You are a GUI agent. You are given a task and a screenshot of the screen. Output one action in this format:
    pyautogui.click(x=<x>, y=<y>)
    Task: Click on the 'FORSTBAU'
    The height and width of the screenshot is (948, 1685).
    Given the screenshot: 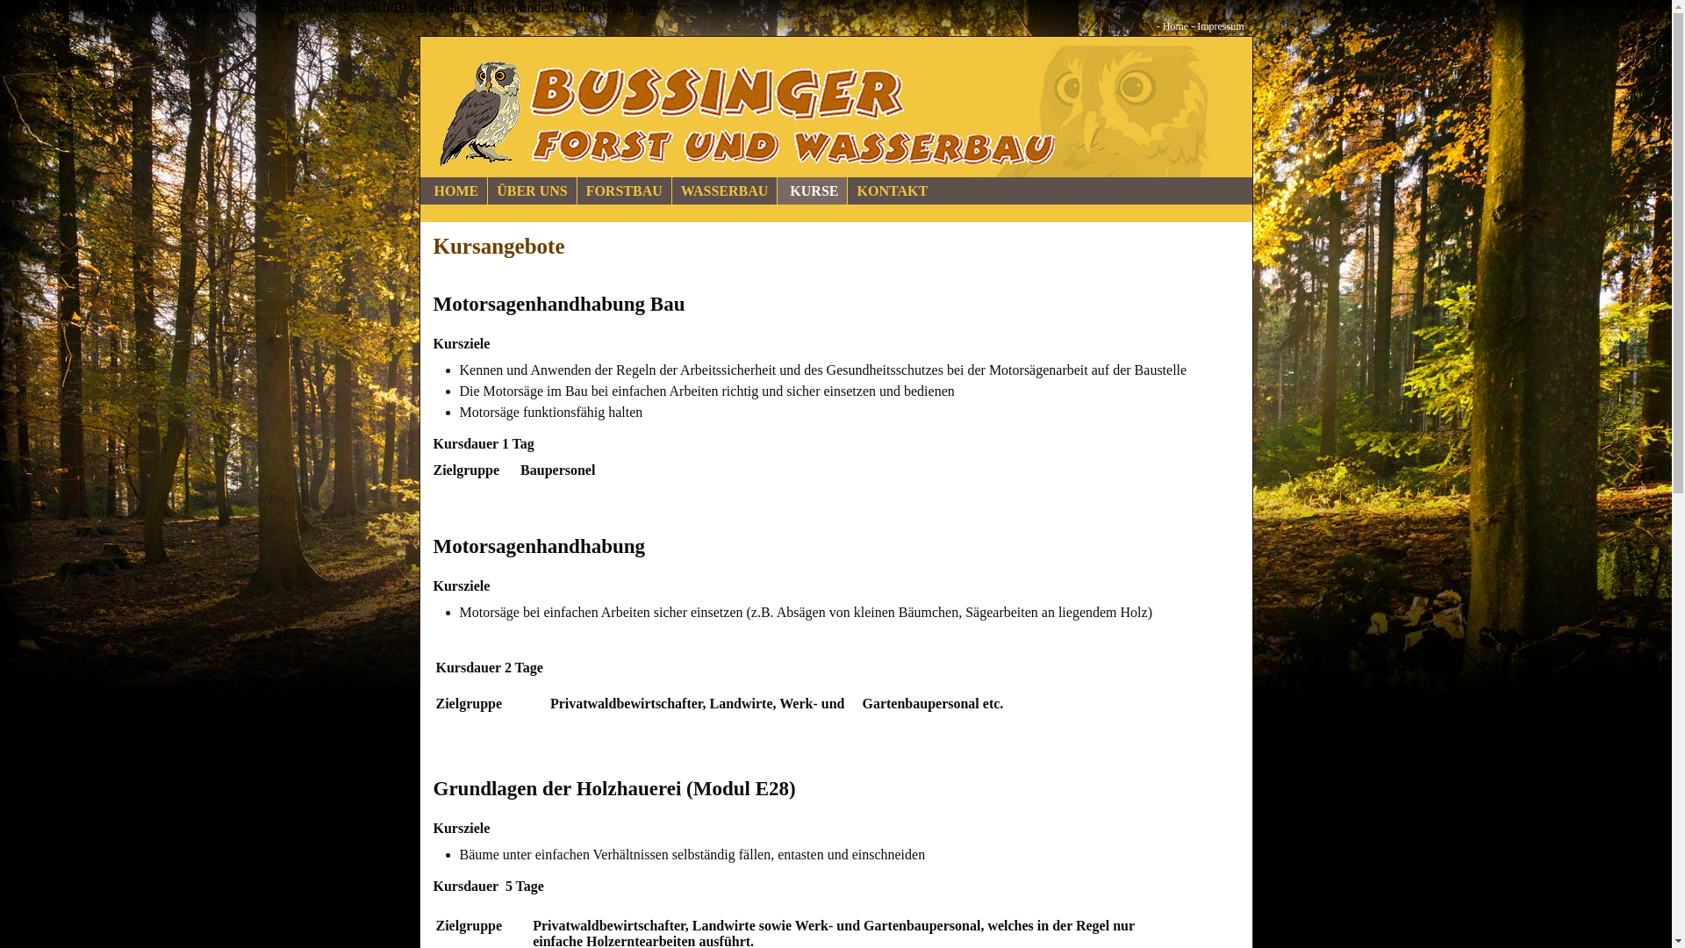 What is the action you would take?
    pyautogui.click(x=624, y=190)
    